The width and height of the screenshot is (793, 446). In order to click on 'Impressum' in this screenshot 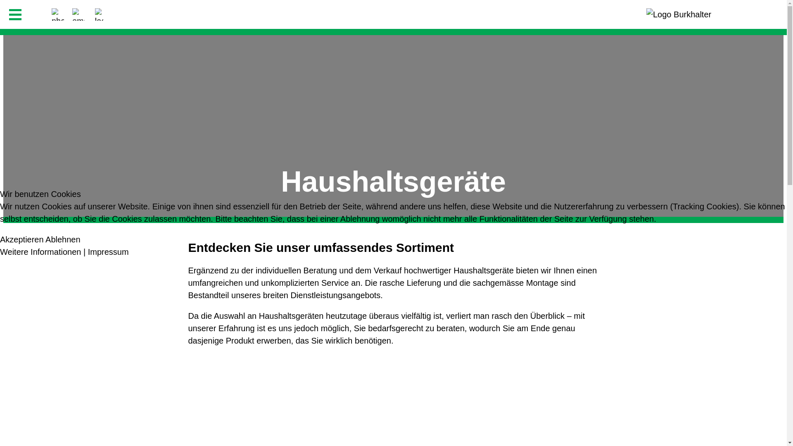, I will do `click(88, 251)`.